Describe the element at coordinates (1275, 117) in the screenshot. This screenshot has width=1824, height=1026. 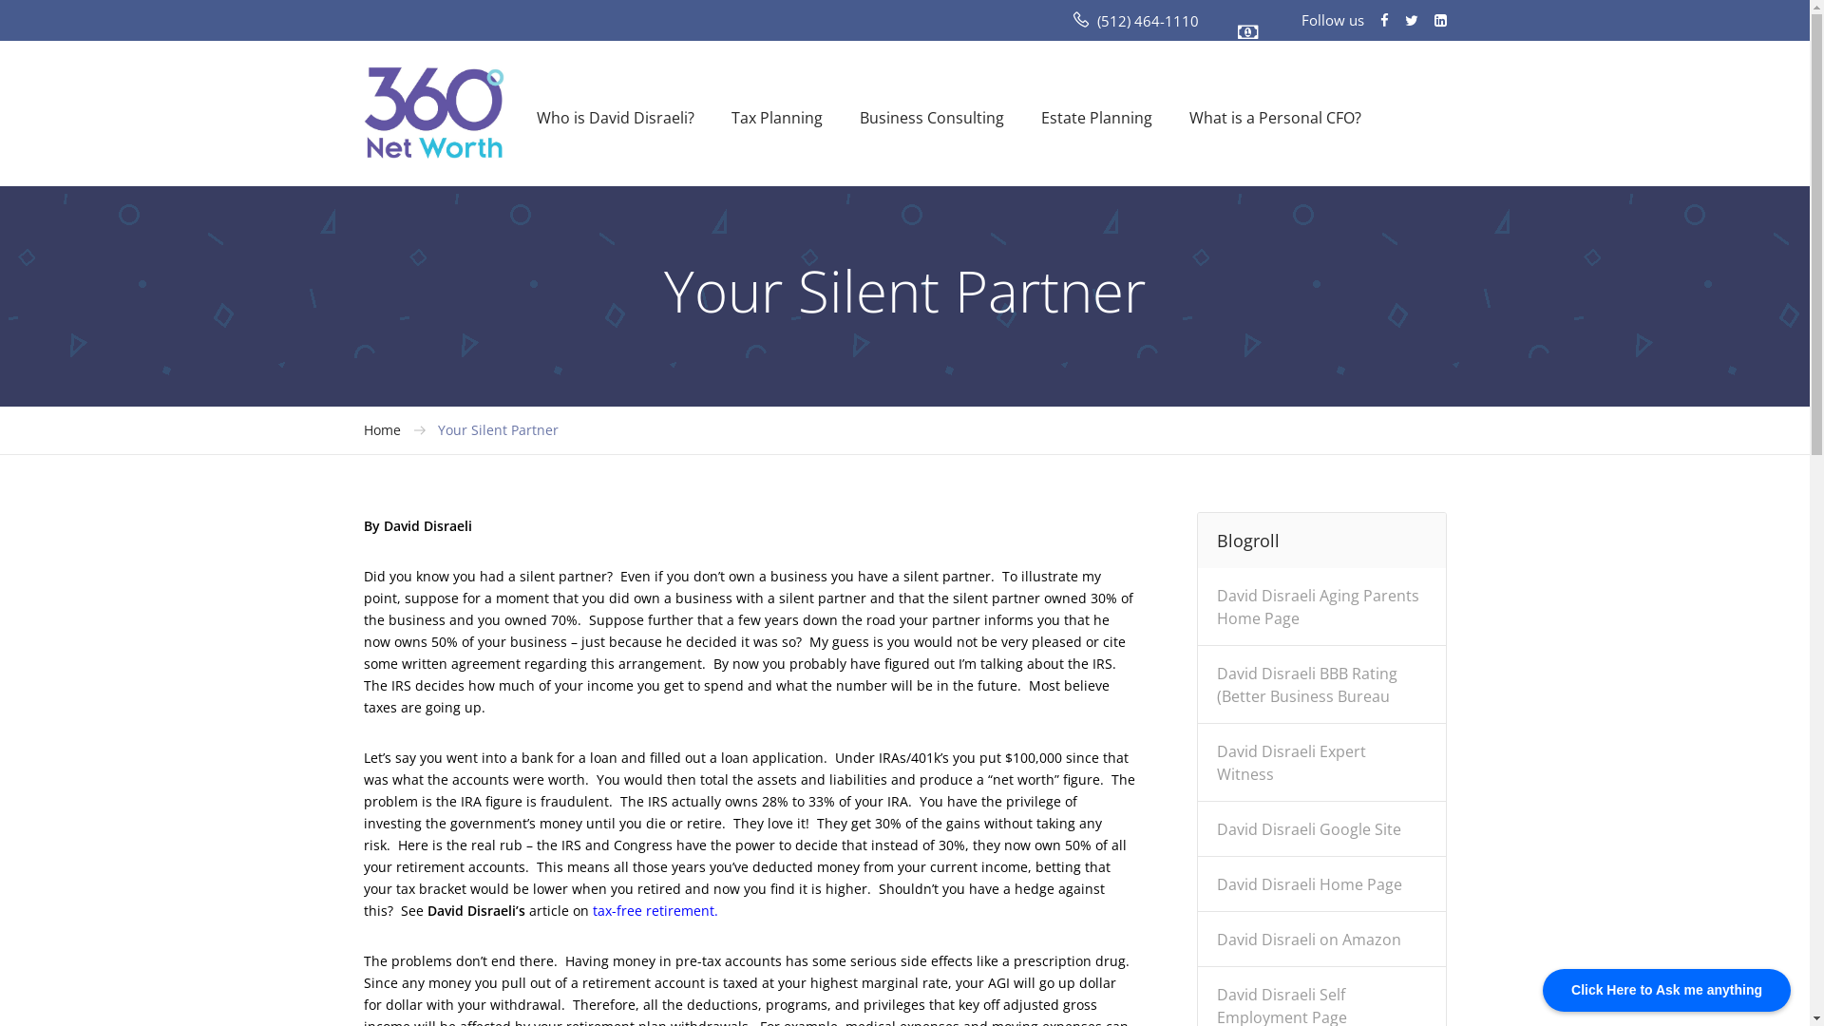
I see `'What is a Personal CFO?'` at that location.